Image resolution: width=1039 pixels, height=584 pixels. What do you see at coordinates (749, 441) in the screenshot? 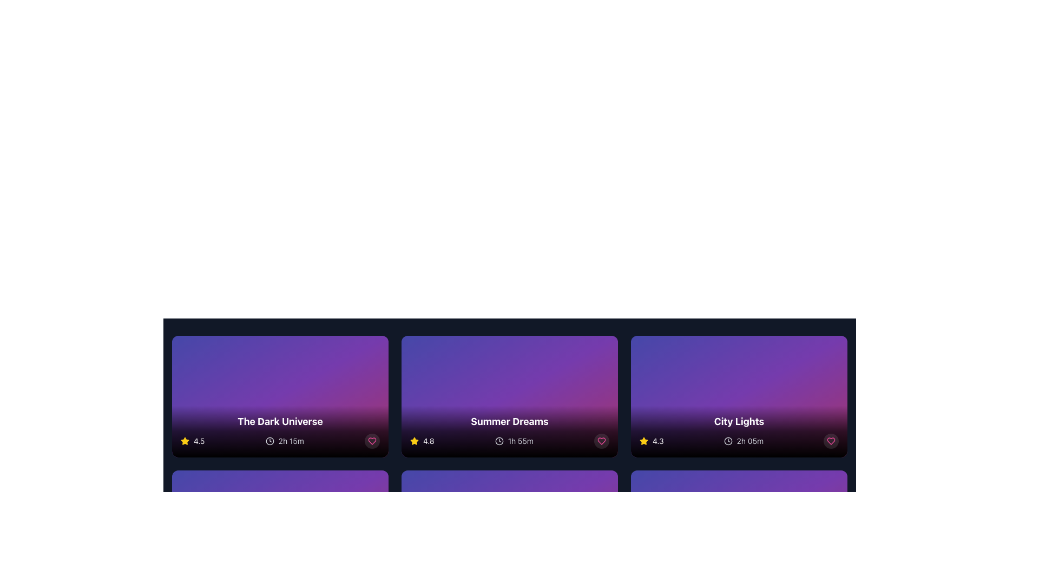
I see `text content of the duration label located at the bottom-right of the 'City Lights' card, next to the clock-like icon and ratings` at bounding box center [749, 441].